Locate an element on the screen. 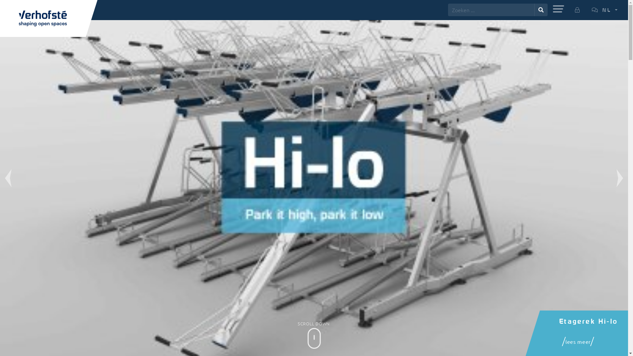 The image size is (633, 356). 'SCROLL DOWN' is located at coordinates (314, 338).